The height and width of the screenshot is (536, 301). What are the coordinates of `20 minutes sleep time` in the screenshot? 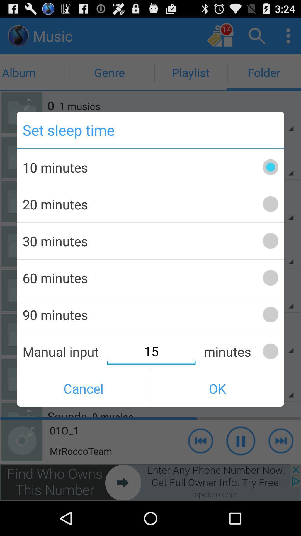 It's located at (270, 204).